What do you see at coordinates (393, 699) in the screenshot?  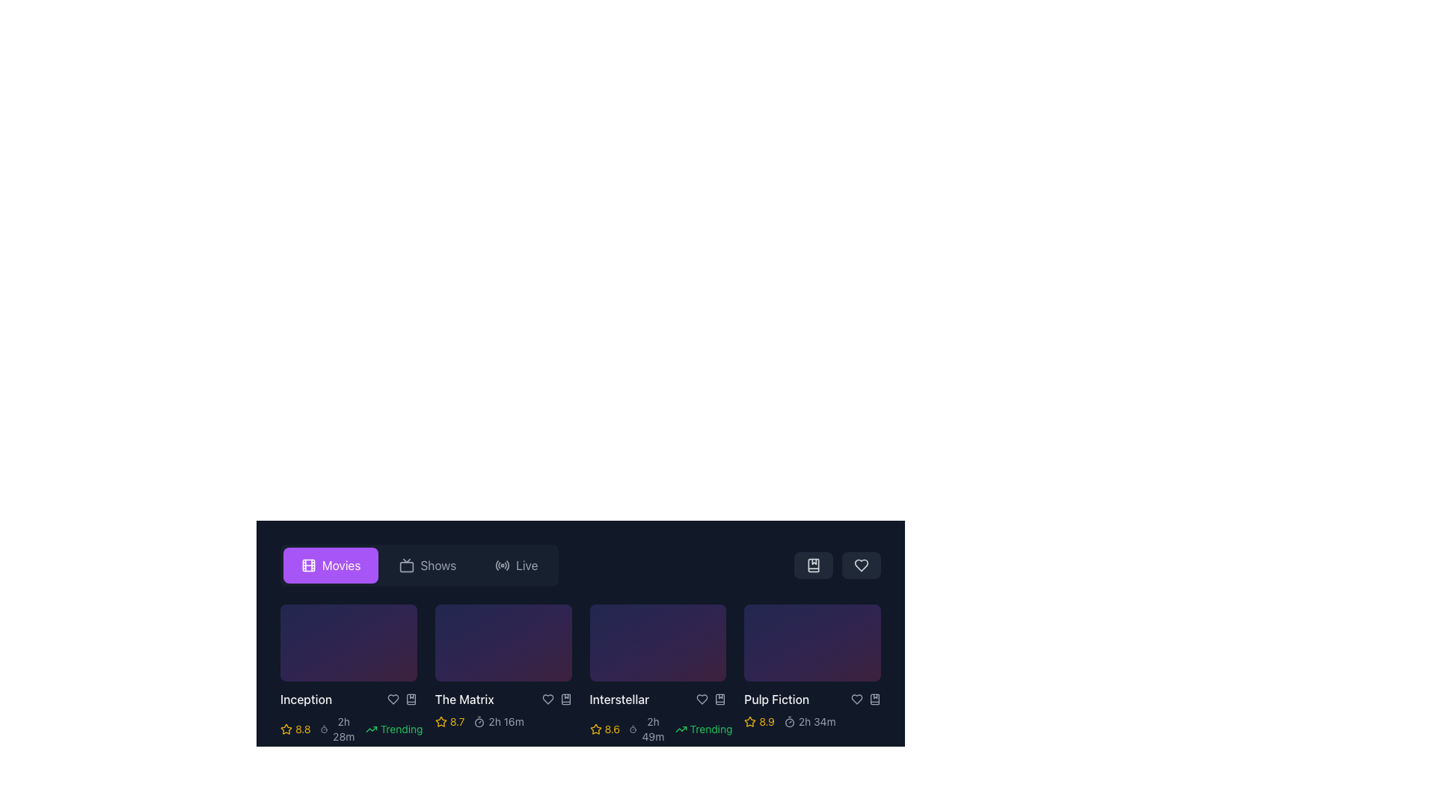 I see `the first icon button on the left under the text 'Inception' to mark the movie as a favorite` at bounding box center [393, 699].